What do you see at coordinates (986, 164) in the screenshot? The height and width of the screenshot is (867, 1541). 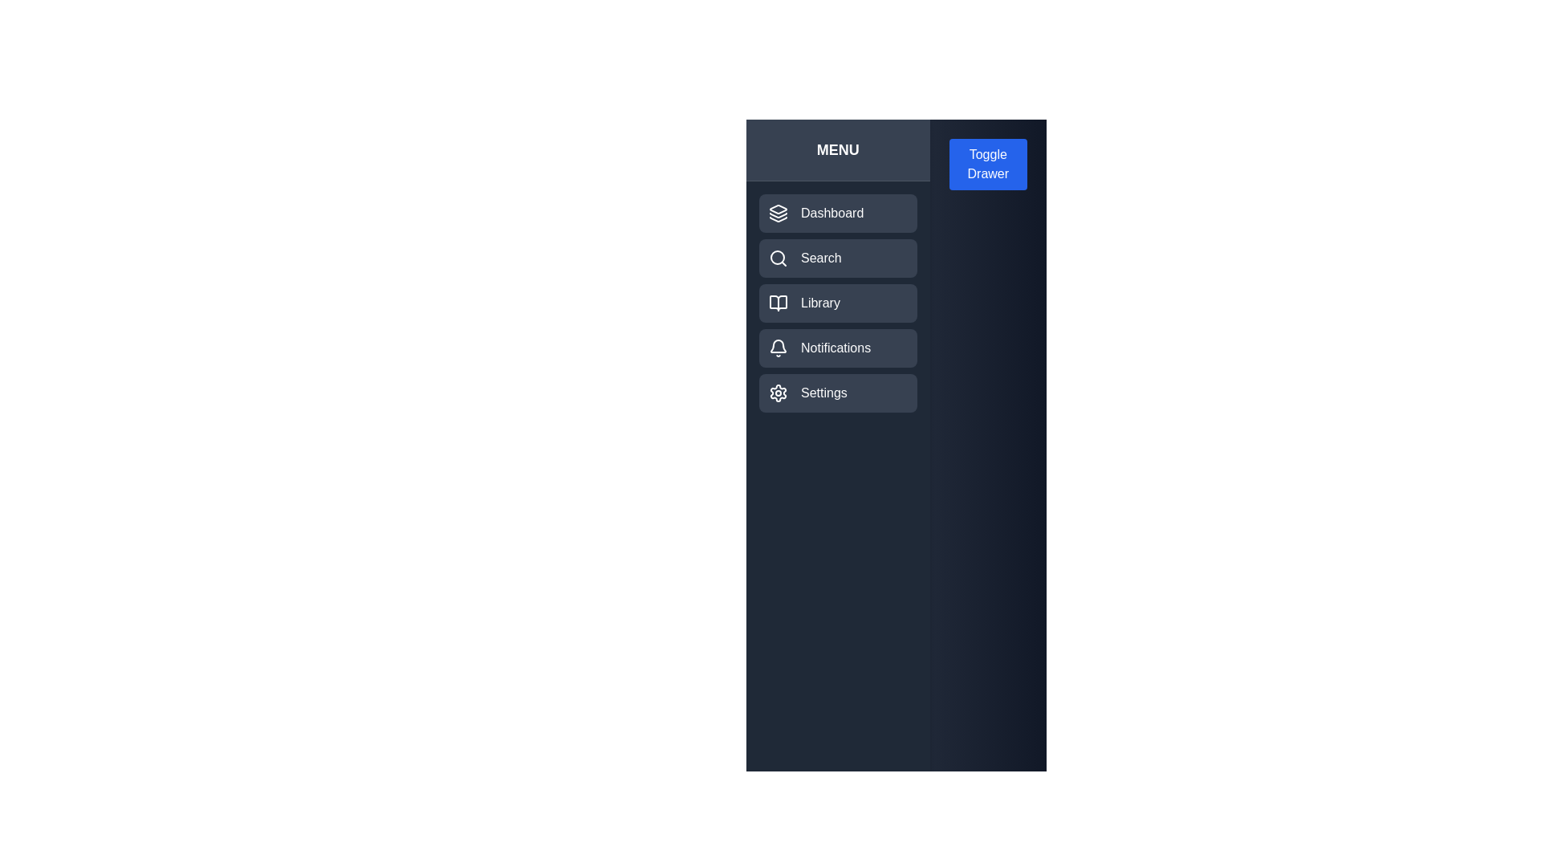 I see `the 'Toggle Drawer' button to toggle the drawer's open/close state` at bounding box center [986, 164].